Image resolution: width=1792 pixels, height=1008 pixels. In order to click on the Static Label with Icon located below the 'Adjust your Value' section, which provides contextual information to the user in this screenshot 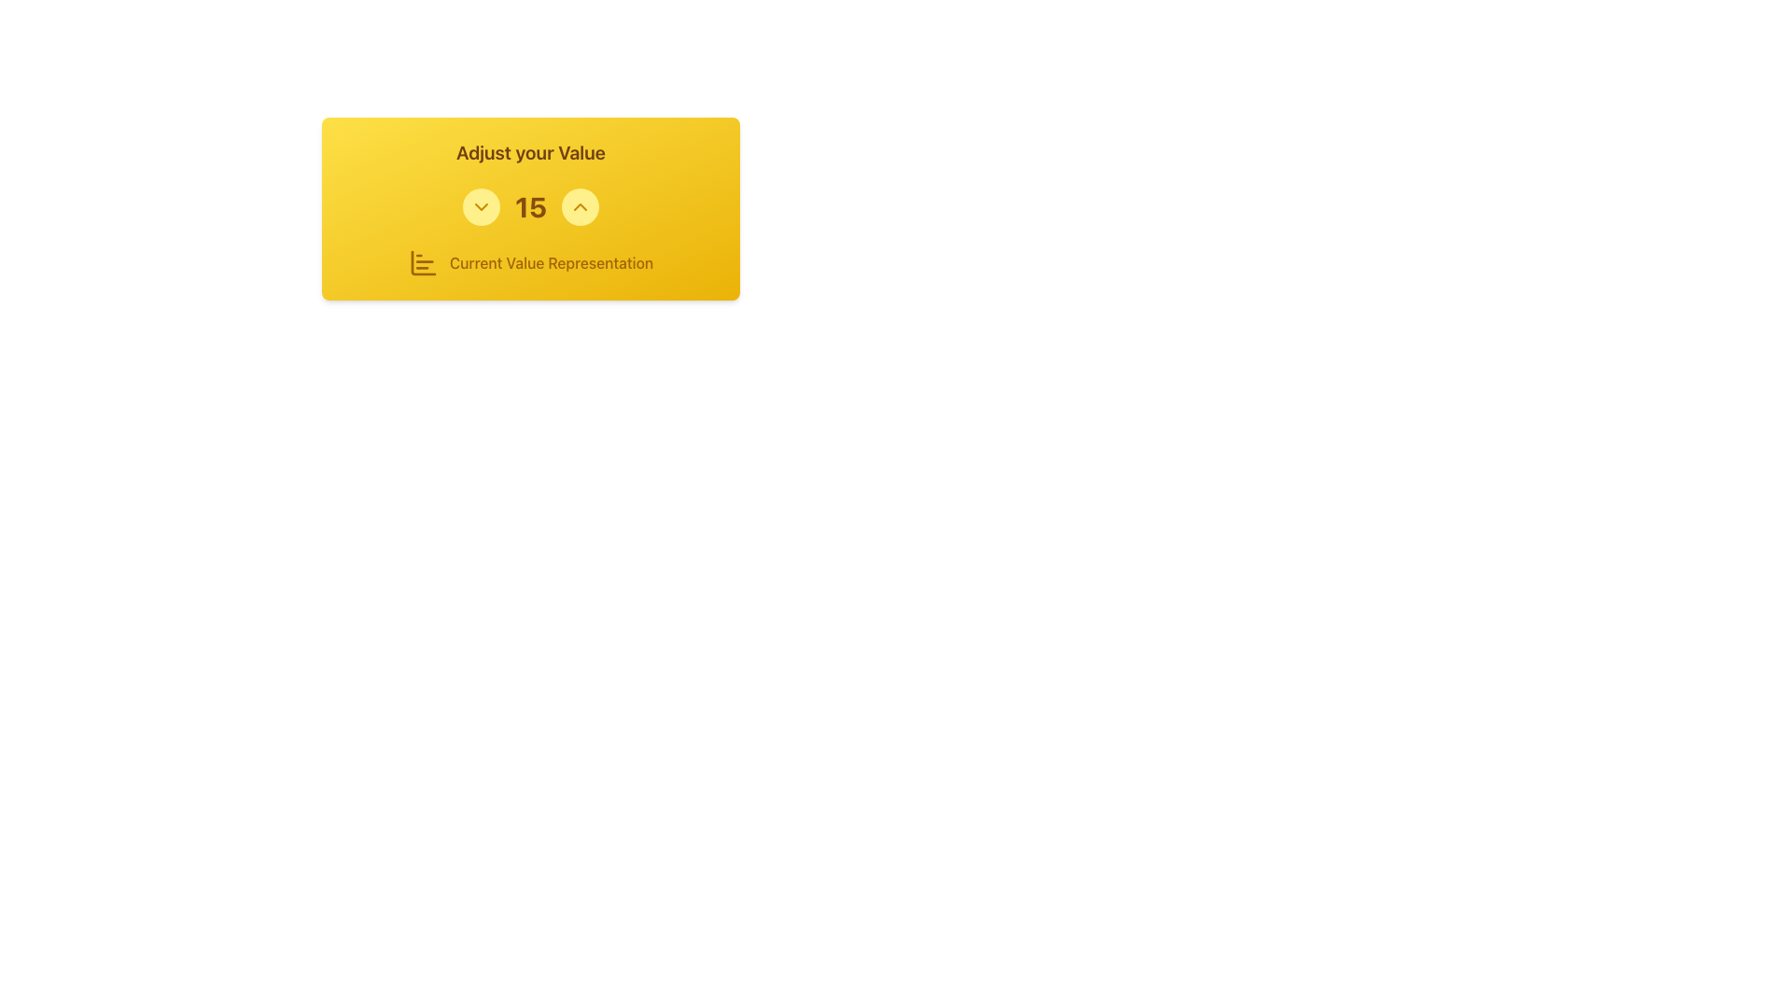, I will do `click(530, 262)`.